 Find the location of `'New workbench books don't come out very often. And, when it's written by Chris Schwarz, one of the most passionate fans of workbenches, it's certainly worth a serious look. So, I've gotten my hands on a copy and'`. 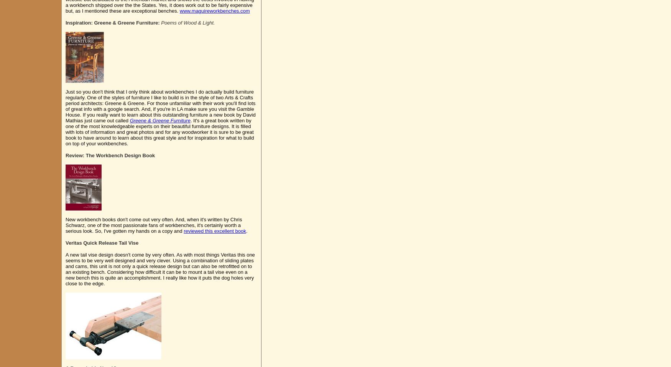

'New workbench books don't come out very often. And, when it's written by Chris Schwarz, one of the most passionate fans of workbenches, it's certainly worth a serious look. So, I've gotten my hands on a copy and' is located at coordinates (153, 225).